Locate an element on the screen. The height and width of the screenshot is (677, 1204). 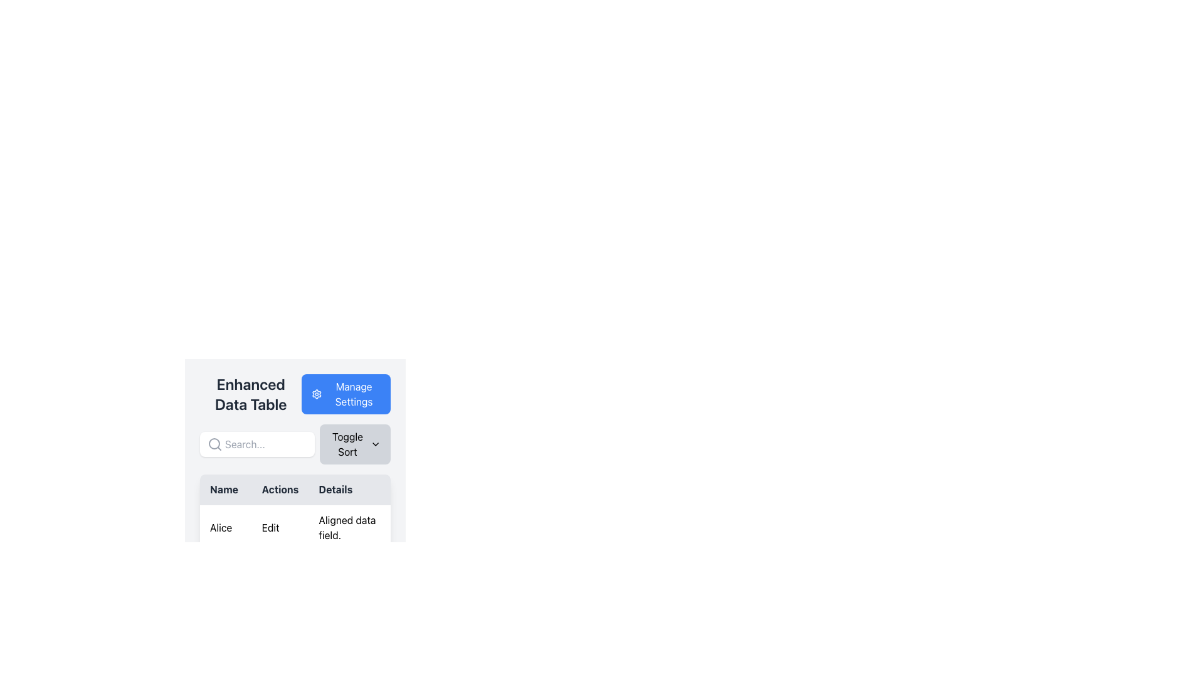
the settings button for the 'Enhanced Data Table' is located at coordinates (346, 393).